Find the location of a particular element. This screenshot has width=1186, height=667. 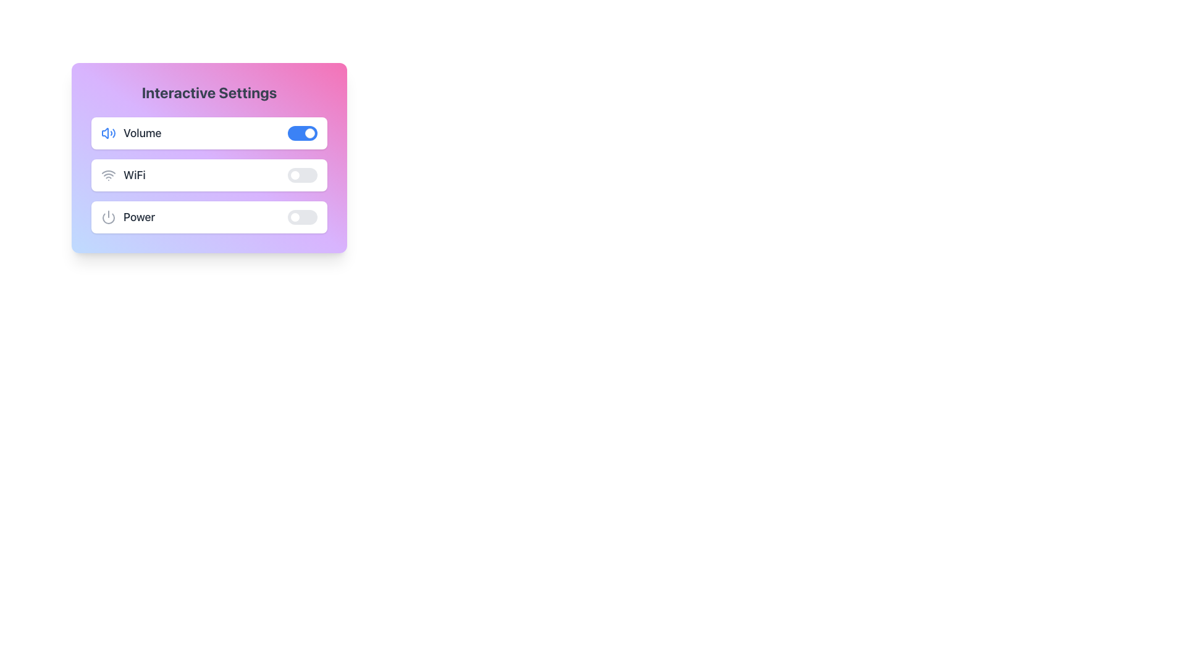

the Text Label that corresponds to the 'Power' toggle switch, which is the third item in the settings options list is located at coordinates (128, 216).